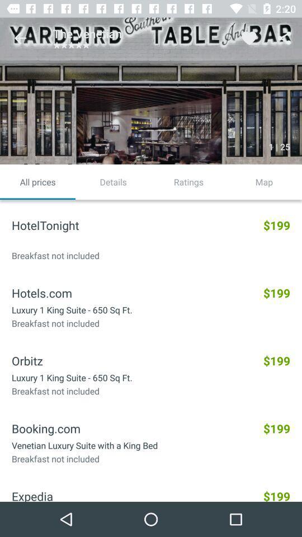 The width and height of the screenshot is (302, 537). What do you see at coordinates (113, 182) in the screenshot?
I see `the item to the left of the ratings` at bounding box center [113, 182].